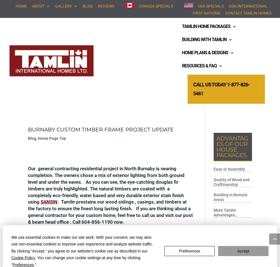 The image size is (280, 267). What do you see at coordinates (137, 94) in the screenshot?
I see `'Roof System'` at bounding box center [137, 94].